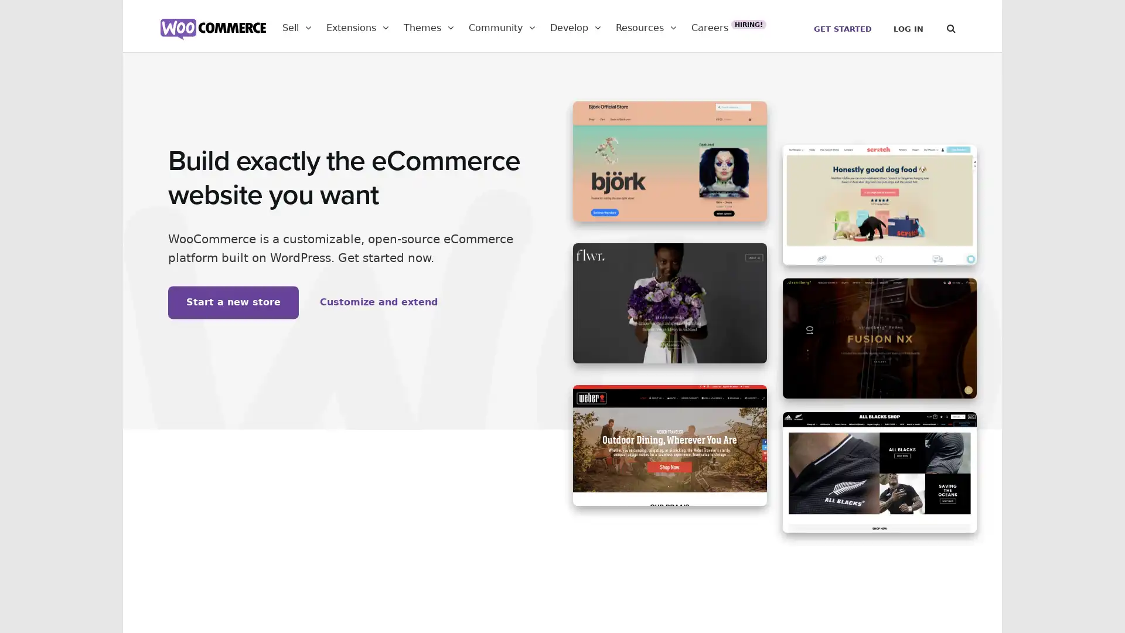  I want to click on Search, so click(951, 28).